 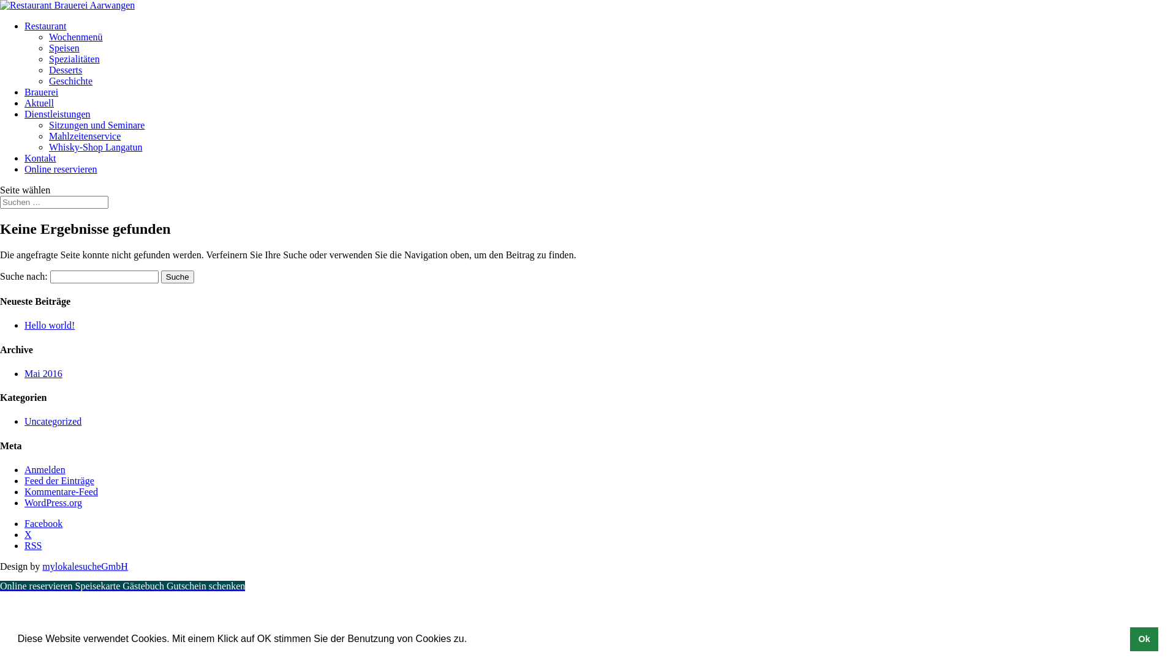 I want to click on 'Whisky-Shop Langatun', so click(x=49, y=146).